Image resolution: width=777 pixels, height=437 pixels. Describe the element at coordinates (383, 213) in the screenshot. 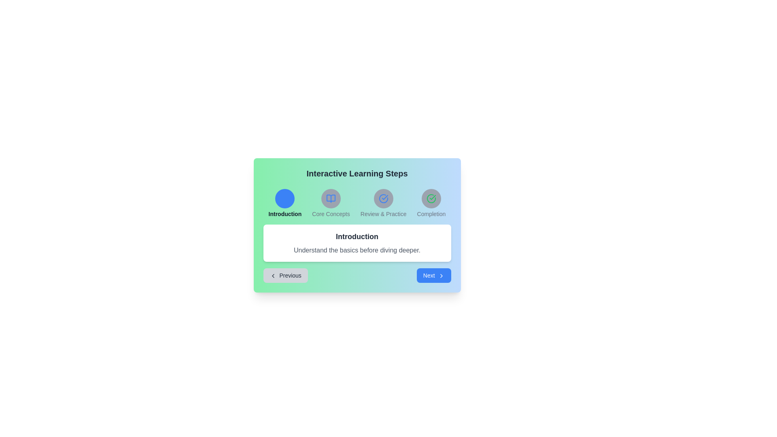

I see `text label that describes the step or phase represented by the circular icon above it, located in the center area of a card layout beneath the heading 'Interactive Learning Steps'. This is the third text label among four in a row` at that location.